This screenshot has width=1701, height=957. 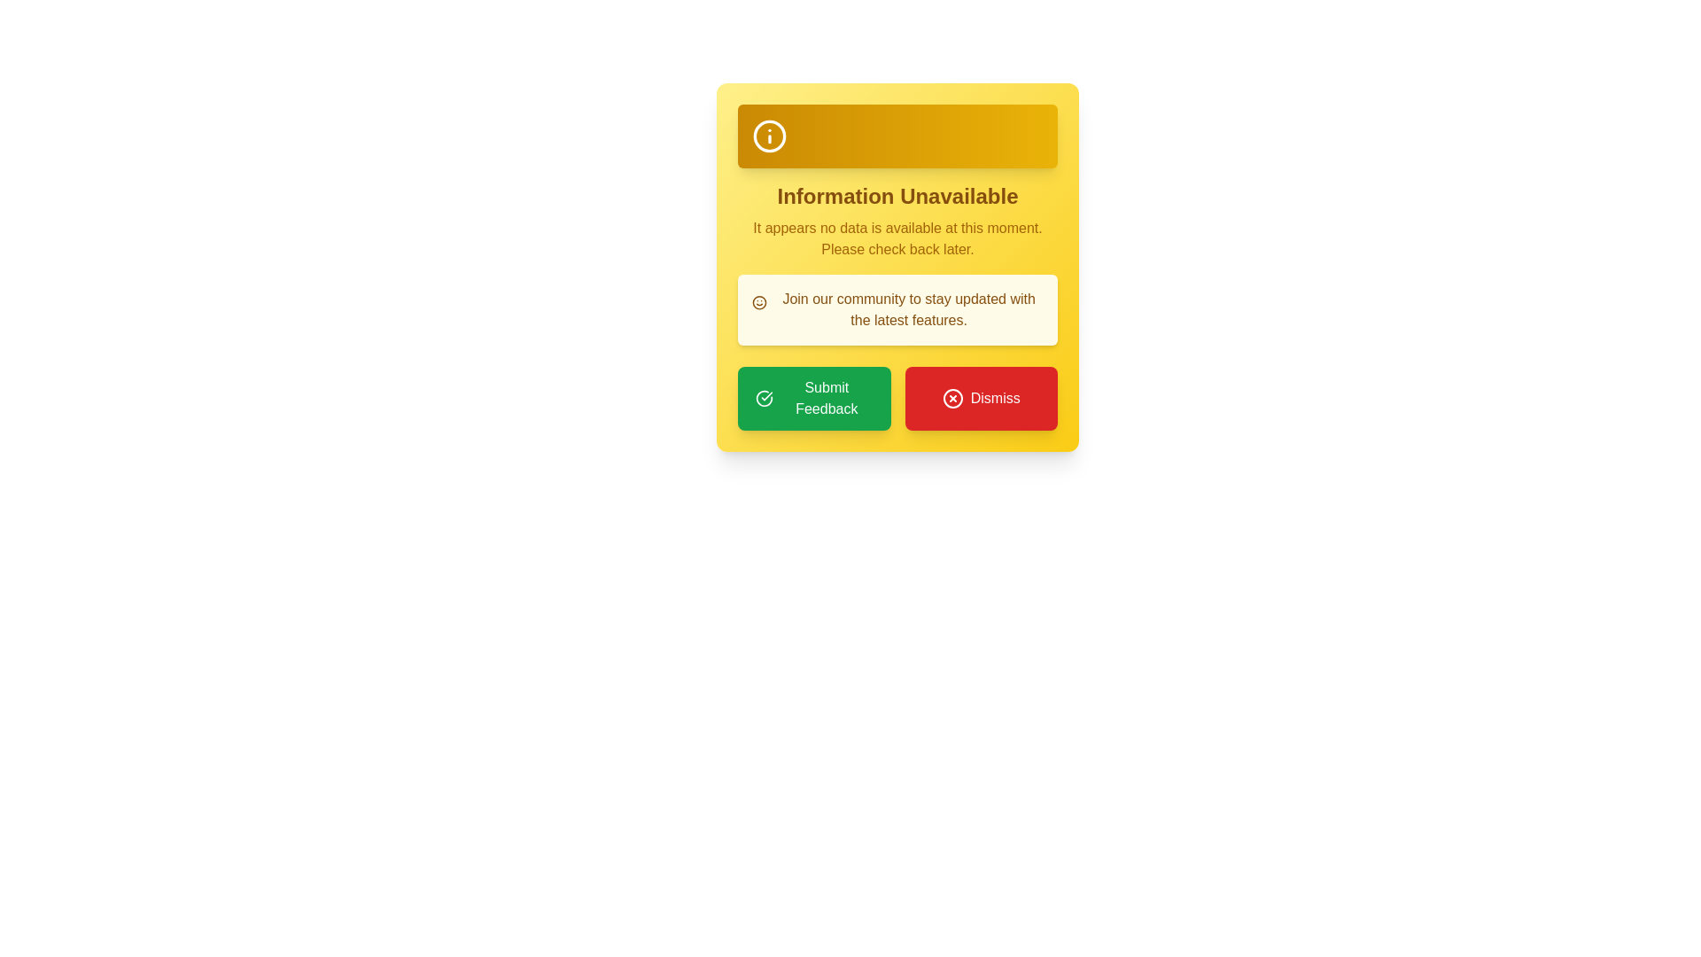 What do you see at coordinates (813, 399) in the screenshot?
I see `the green 'Submit Feedback' button with rounded corners and a checkmark icon to trigger the hover effect` at bounding box center [813, 399].